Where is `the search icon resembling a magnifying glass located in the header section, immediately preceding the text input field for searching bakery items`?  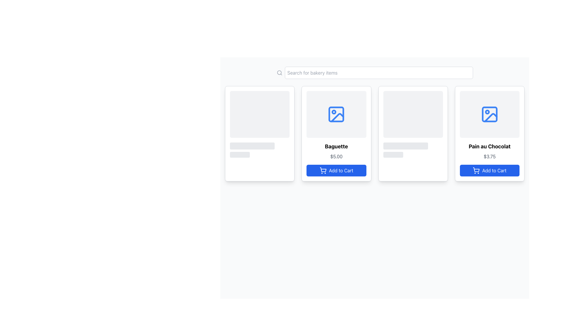
the search icon resembling a magnifying glass located in the header section, immediately preceding the text input field for searching bakery items is located at coordinates (279, 73).